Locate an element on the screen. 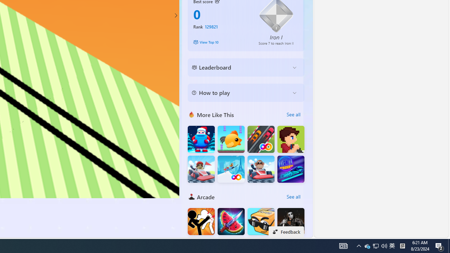 This screenshot has width=450, height=253. 'Touch And Catch Santa' is located at coordinates (201, 139).